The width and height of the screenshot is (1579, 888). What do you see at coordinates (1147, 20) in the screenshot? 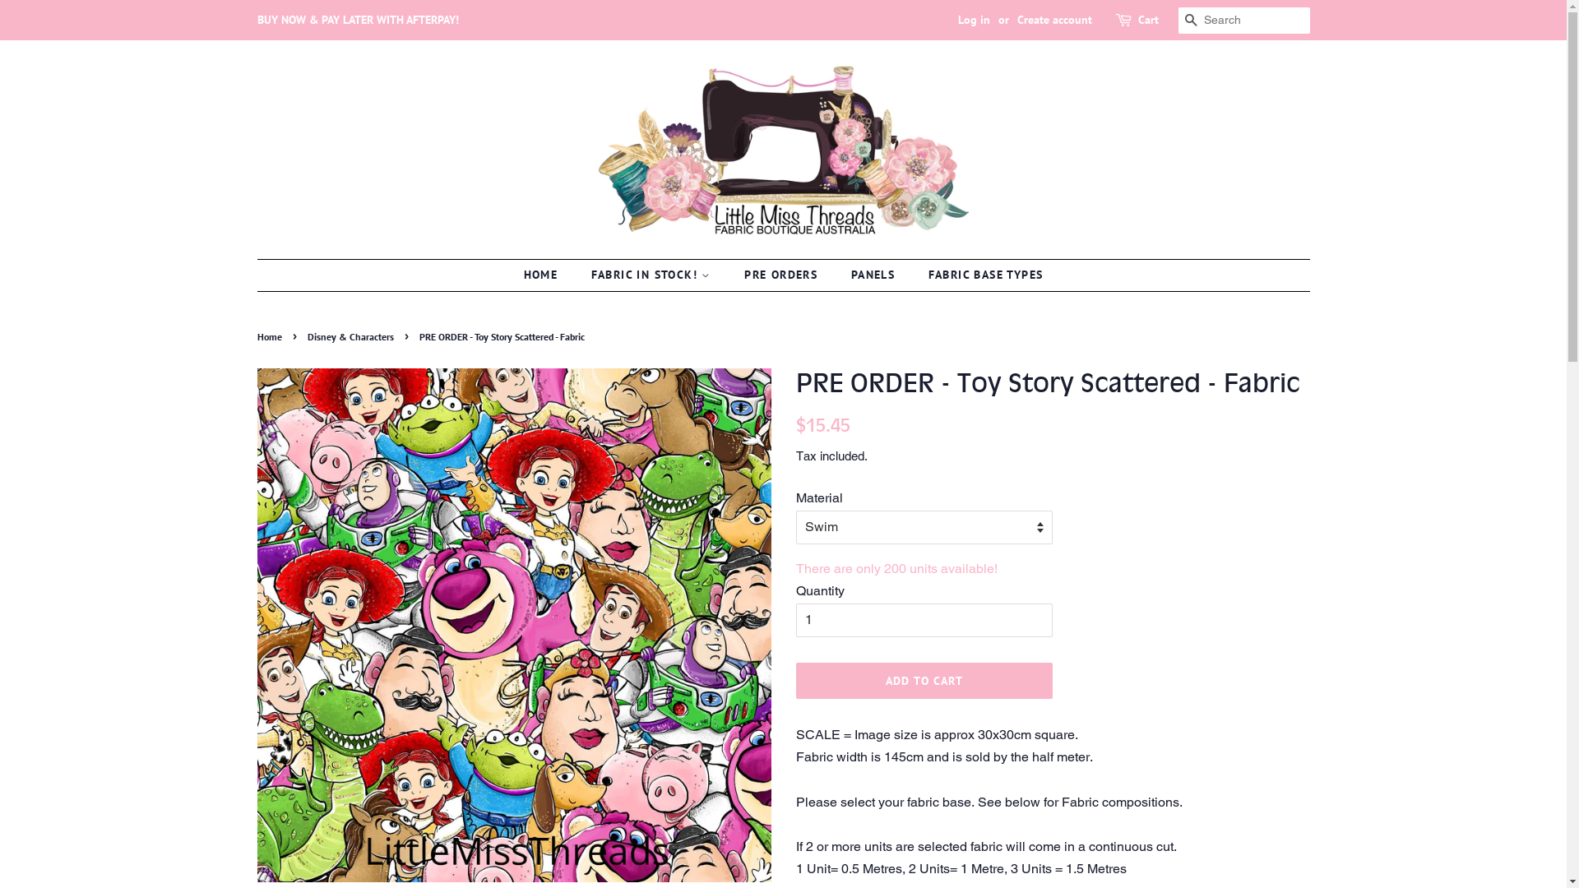
I see `'Cart'` at bounding box center [1147, 20].